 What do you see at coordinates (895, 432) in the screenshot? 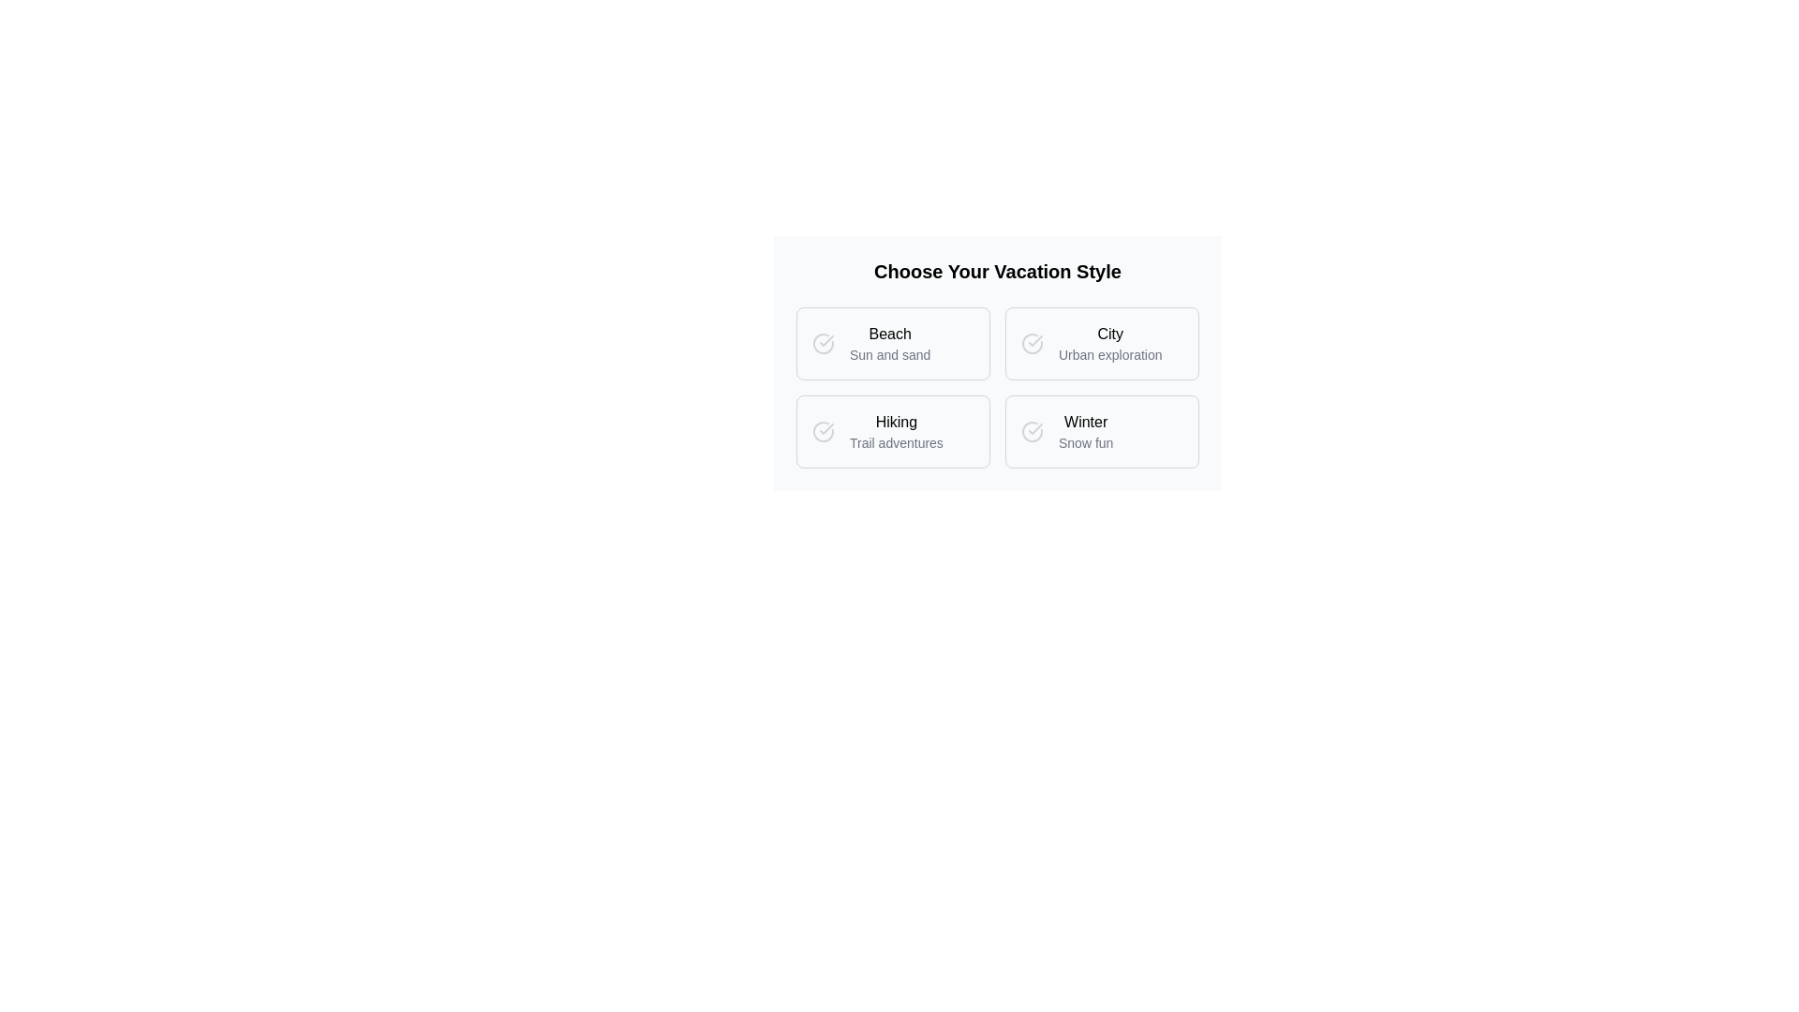
I see `the text label for hiking trails, located in the second row and first column of the vacation styles grid` at bounding box center [895, 432].